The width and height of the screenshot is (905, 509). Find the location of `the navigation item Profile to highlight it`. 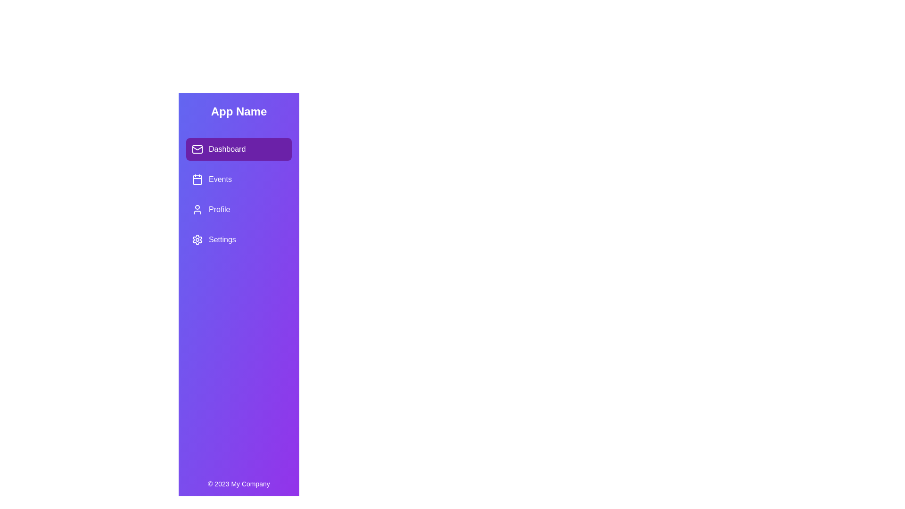

the navigation item Profile to highlight it is located at coordinates (239, 209).